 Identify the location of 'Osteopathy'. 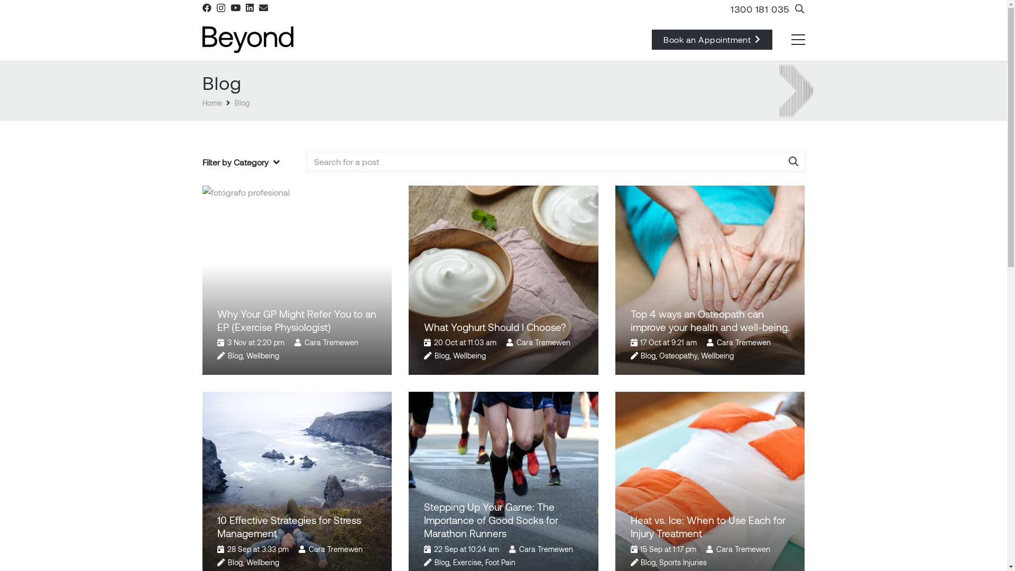
(678, 355).